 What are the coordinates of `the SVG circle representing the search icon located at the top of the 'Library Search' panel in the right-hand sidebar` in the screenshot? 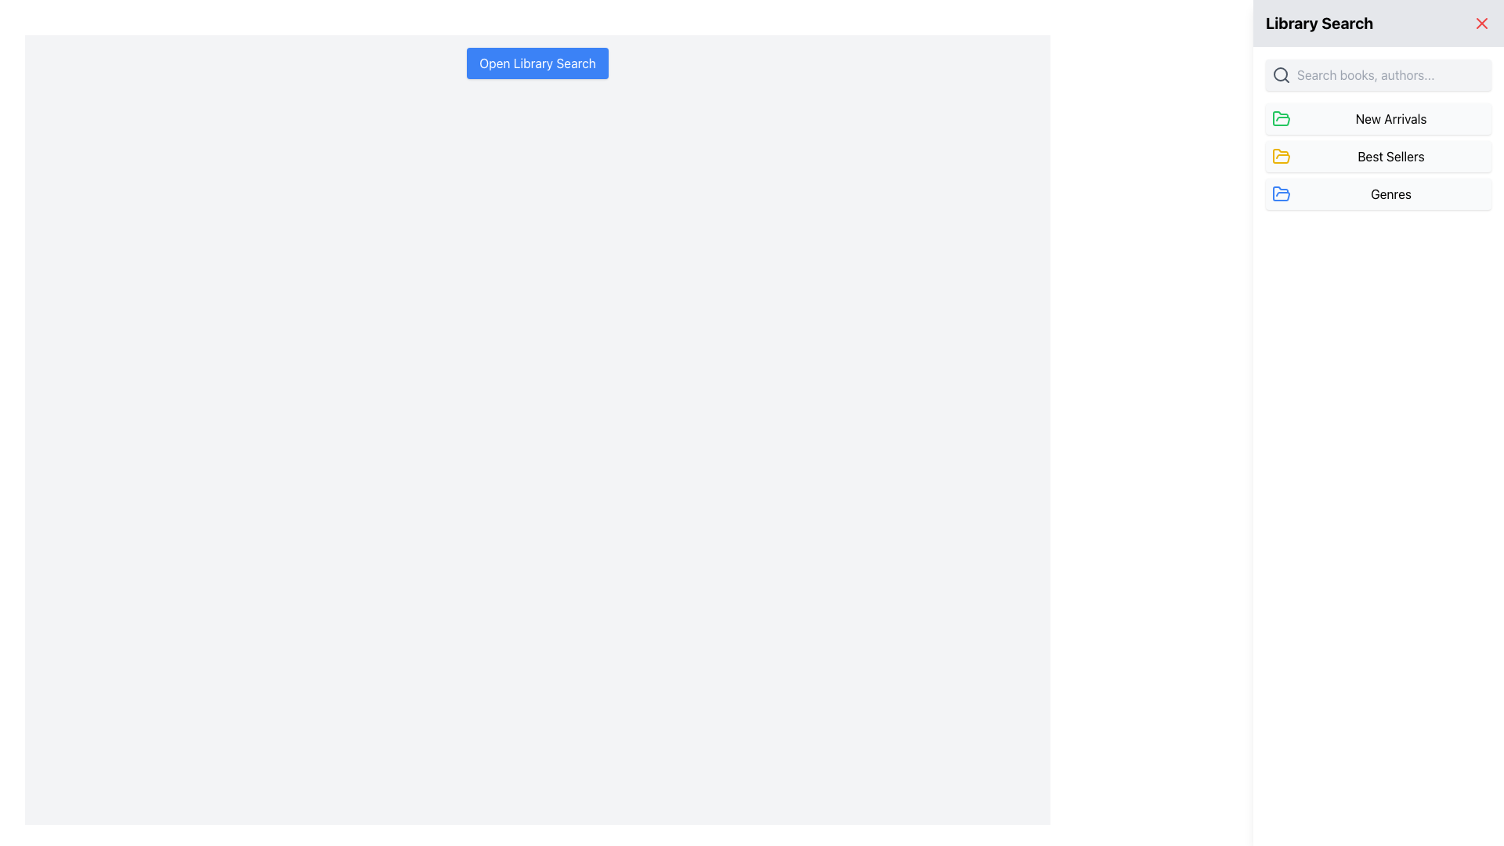 It's located at (1281, 74).